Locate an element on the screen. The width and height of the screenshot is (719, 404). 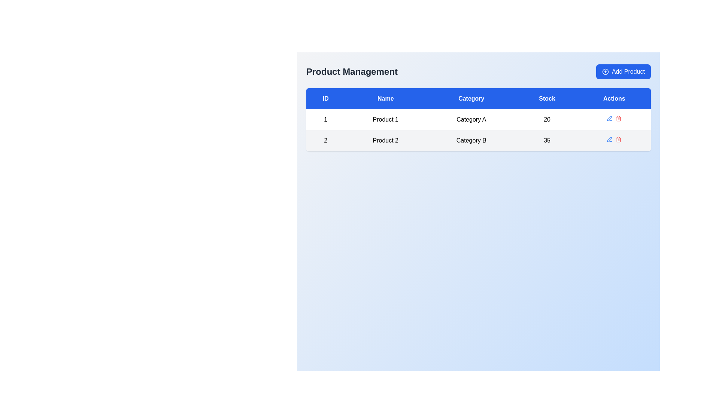
the first cell in the first row of the table under the 'ID' column, which serves as an identifier for the associated product is located at coordinates (325, 119).